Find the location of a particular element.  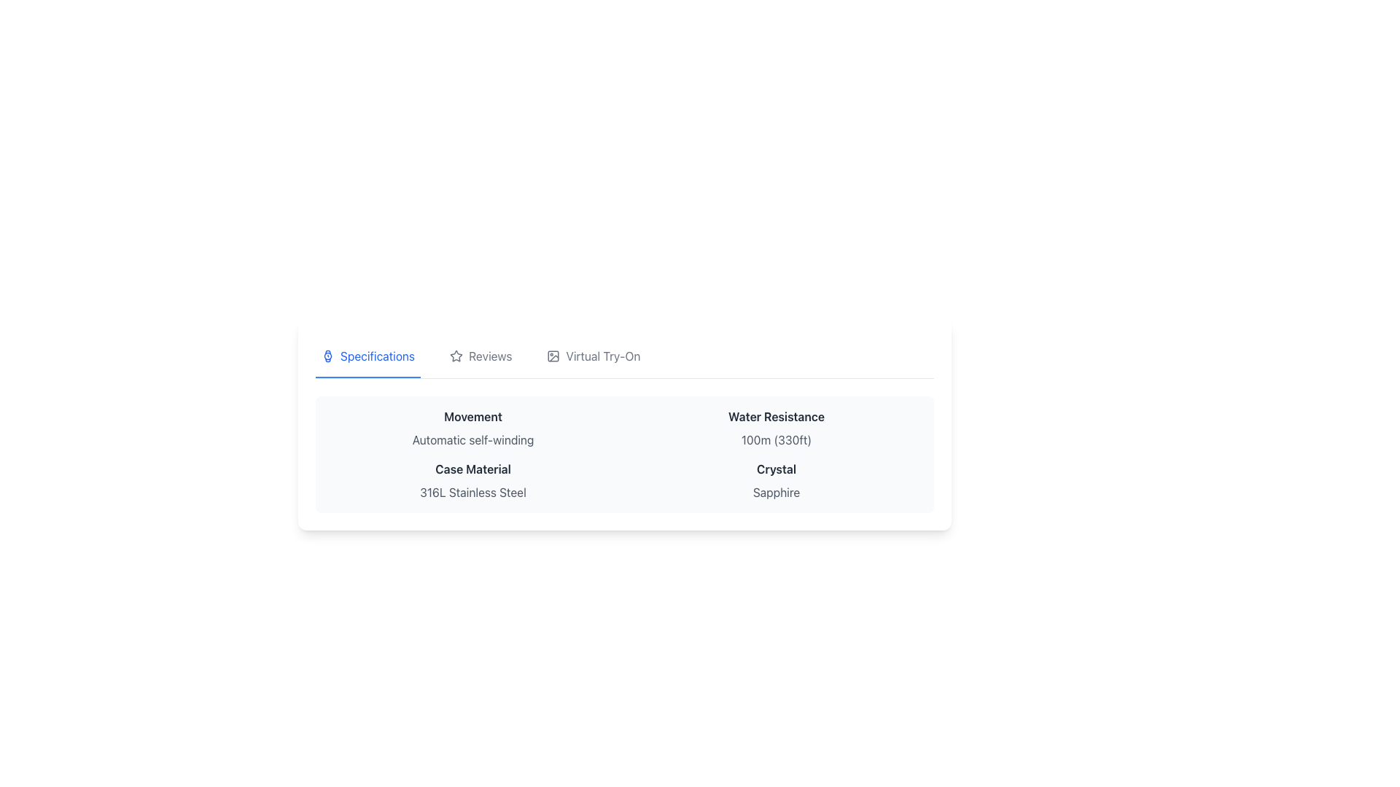

displayed specifications in the Information Display Section, which provides detailed information about the product's features such as Movement type, Water Resistance level, and materials used is located at coordinates (625, 424).